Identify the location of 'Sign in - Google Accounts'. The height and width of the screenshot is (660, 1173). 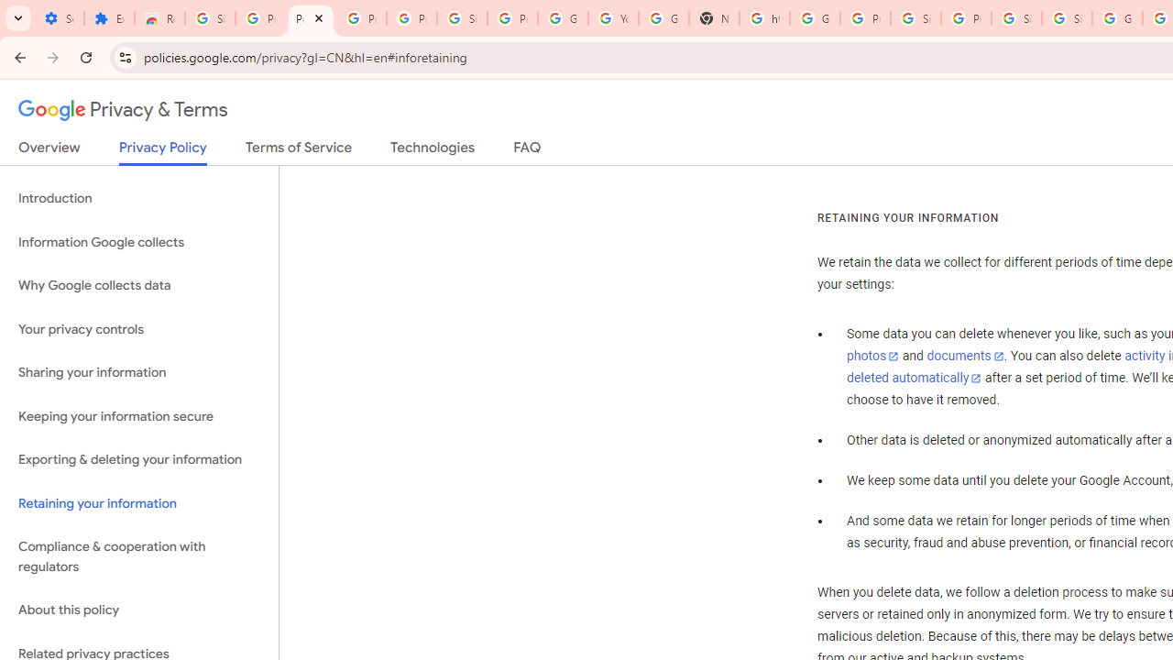
(1015, 18).